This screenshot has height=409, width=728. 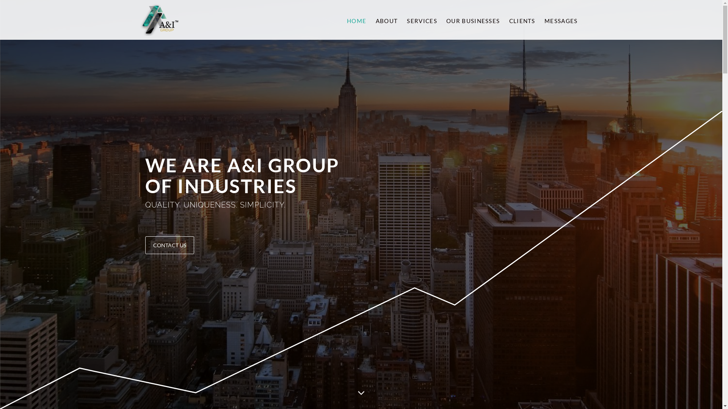 I want to click on ' MESSAGES', so click(x=538, y=19).